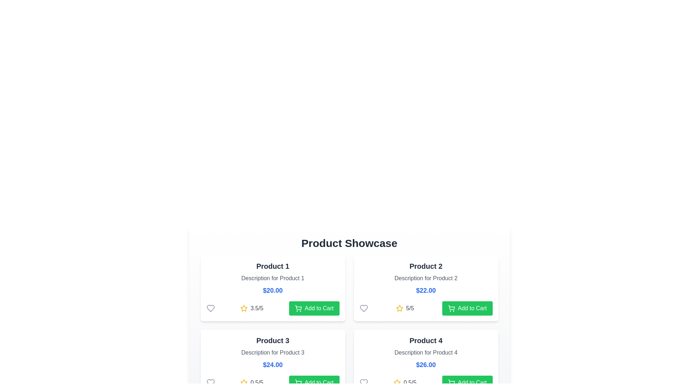 This screenshot has width=687, height=386. What do you see at coordinates (426, 291) in the screenshot?
I see `the Text Label displaying '$22.00' in the second product card titled 'Product 2', which is styled with a bold font and blue color, located below the product description and above the rating and 'Add to Cart' button` at bounding box center [426, 291].